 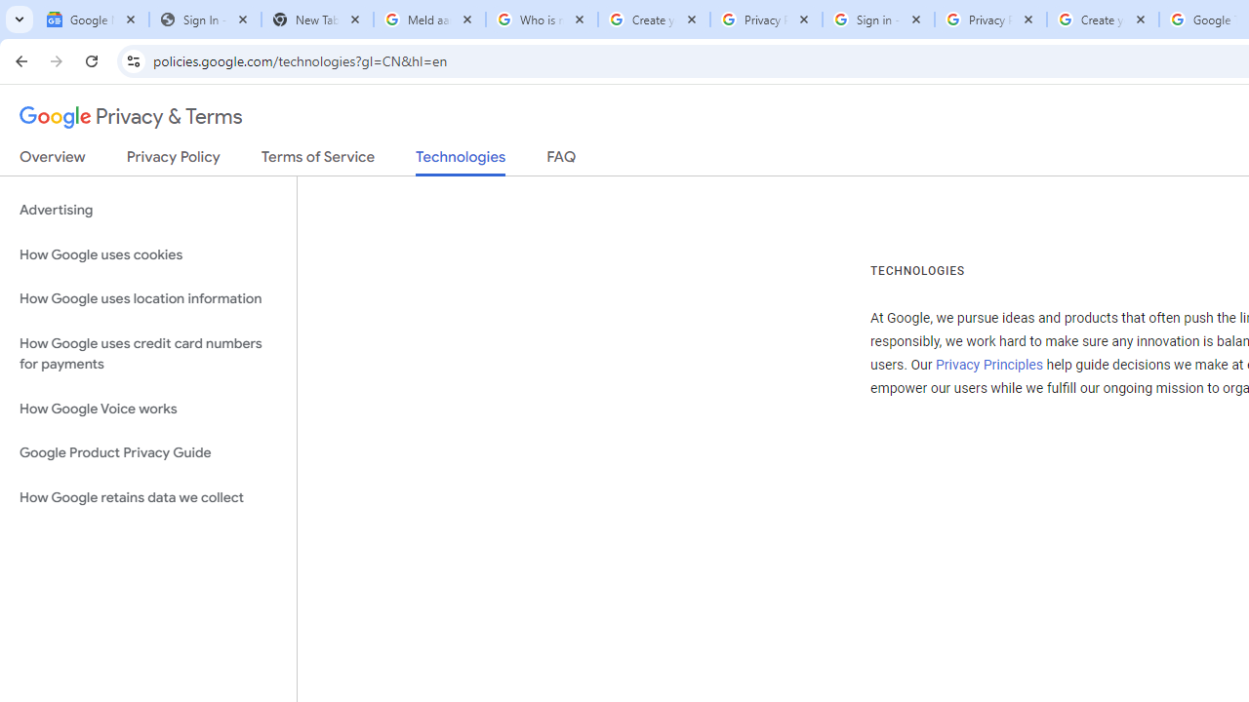 I want to click on 'Create your Google Account', so click(x=1103, y=19).